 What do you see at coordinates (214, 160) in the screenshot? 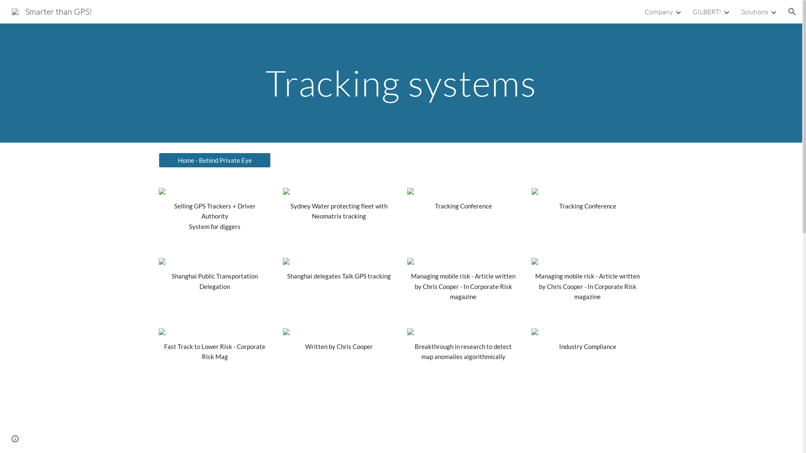
I see `'Home - Behind Private Eye'` at bounding box center [214, 160].